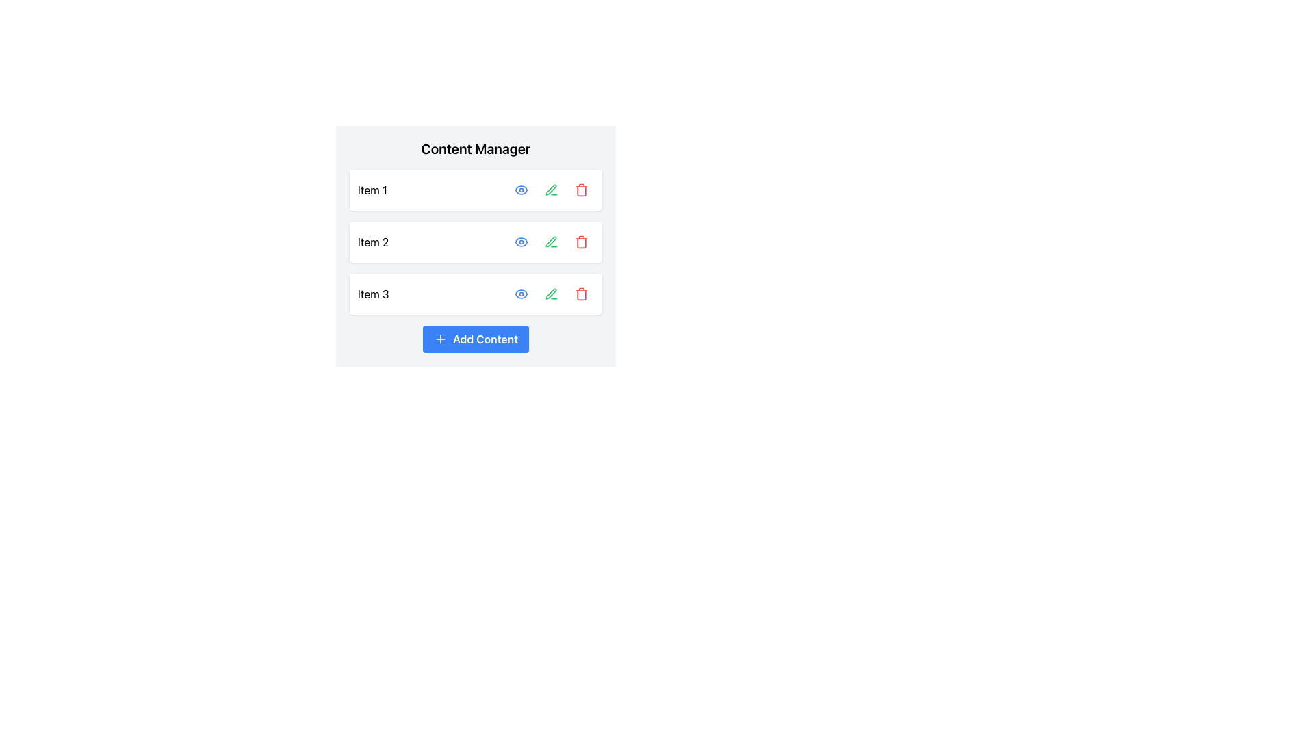 The height and width of the screenshot is (739, 1314). I want to click on the curved line of the red trash icon, which is the third control in the row of action icons for the first content item (Item 1), so click(581, 190).